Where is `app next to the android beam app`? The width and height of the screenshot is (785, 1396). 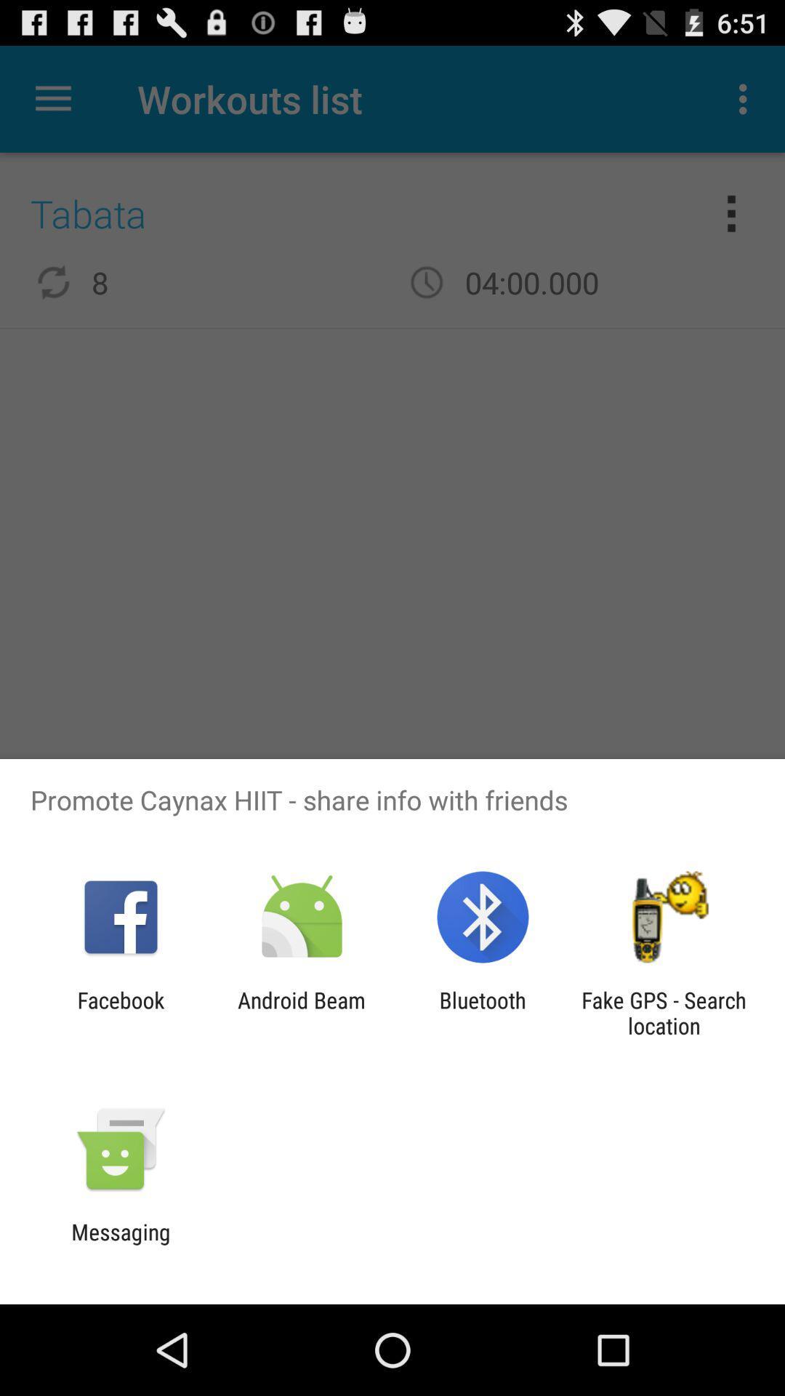 app next to the android beam app is located at coordinates (483, 1012).